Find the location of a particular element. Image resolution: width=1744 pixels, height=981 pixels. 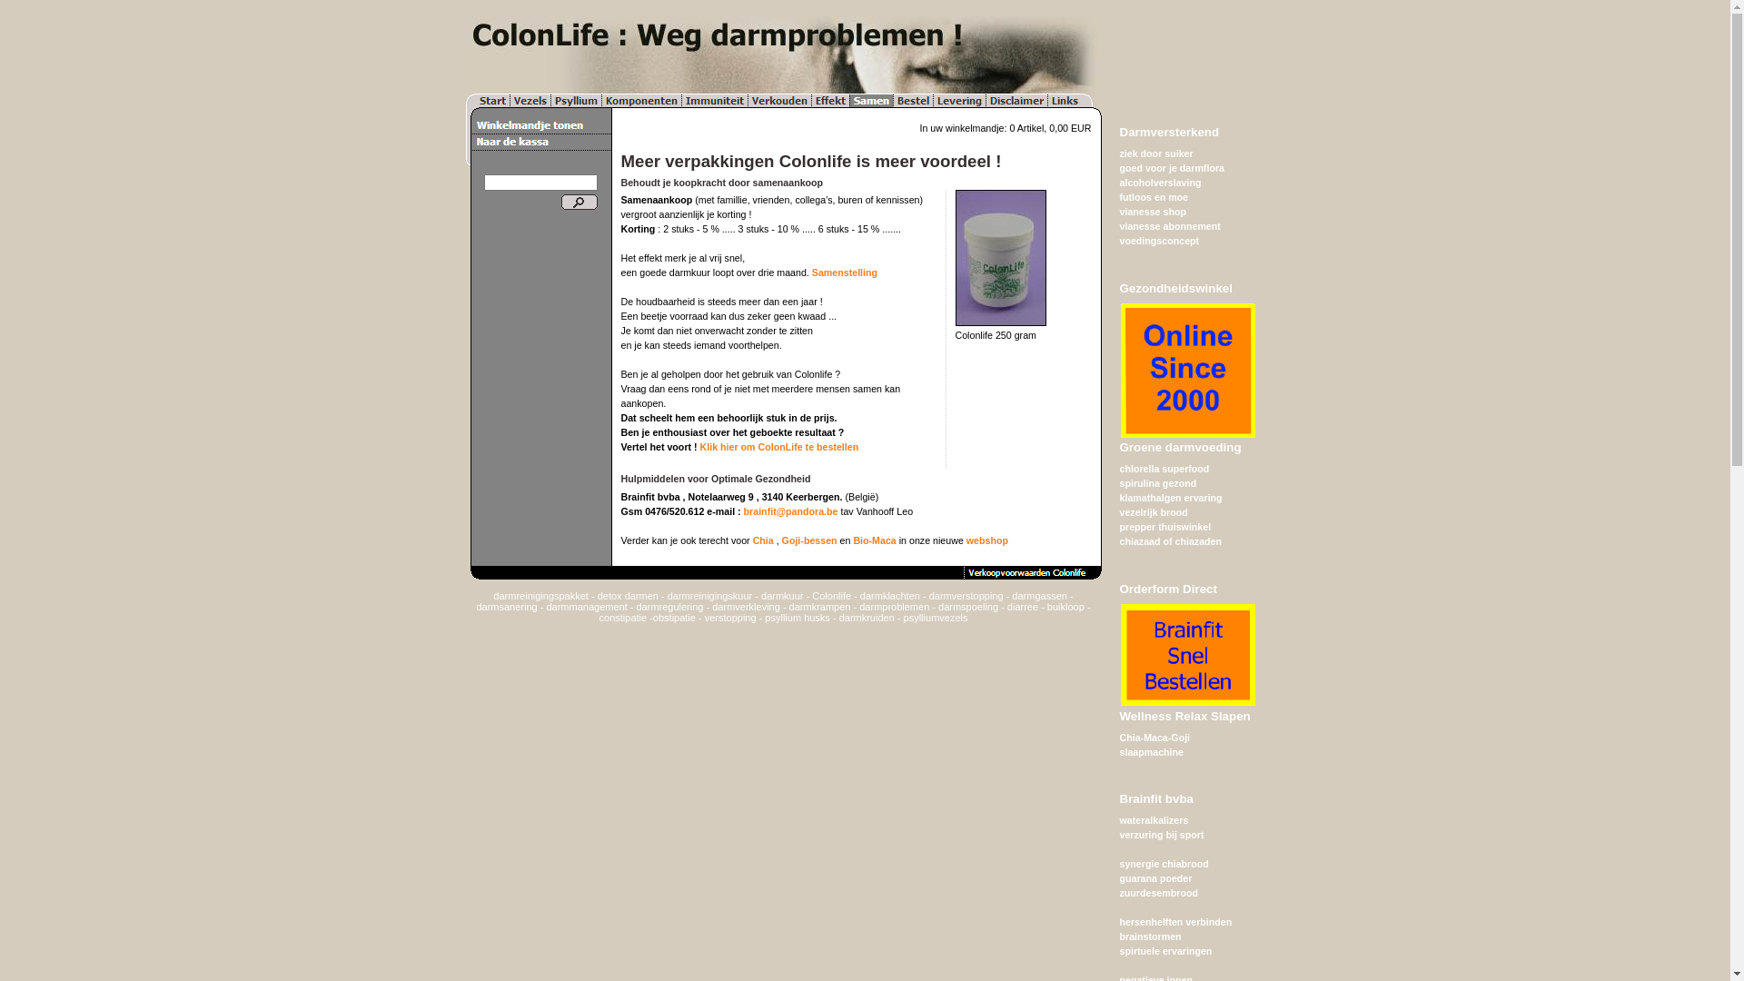

'goed voor je darmflora' is located at coordinates (1171, 168).